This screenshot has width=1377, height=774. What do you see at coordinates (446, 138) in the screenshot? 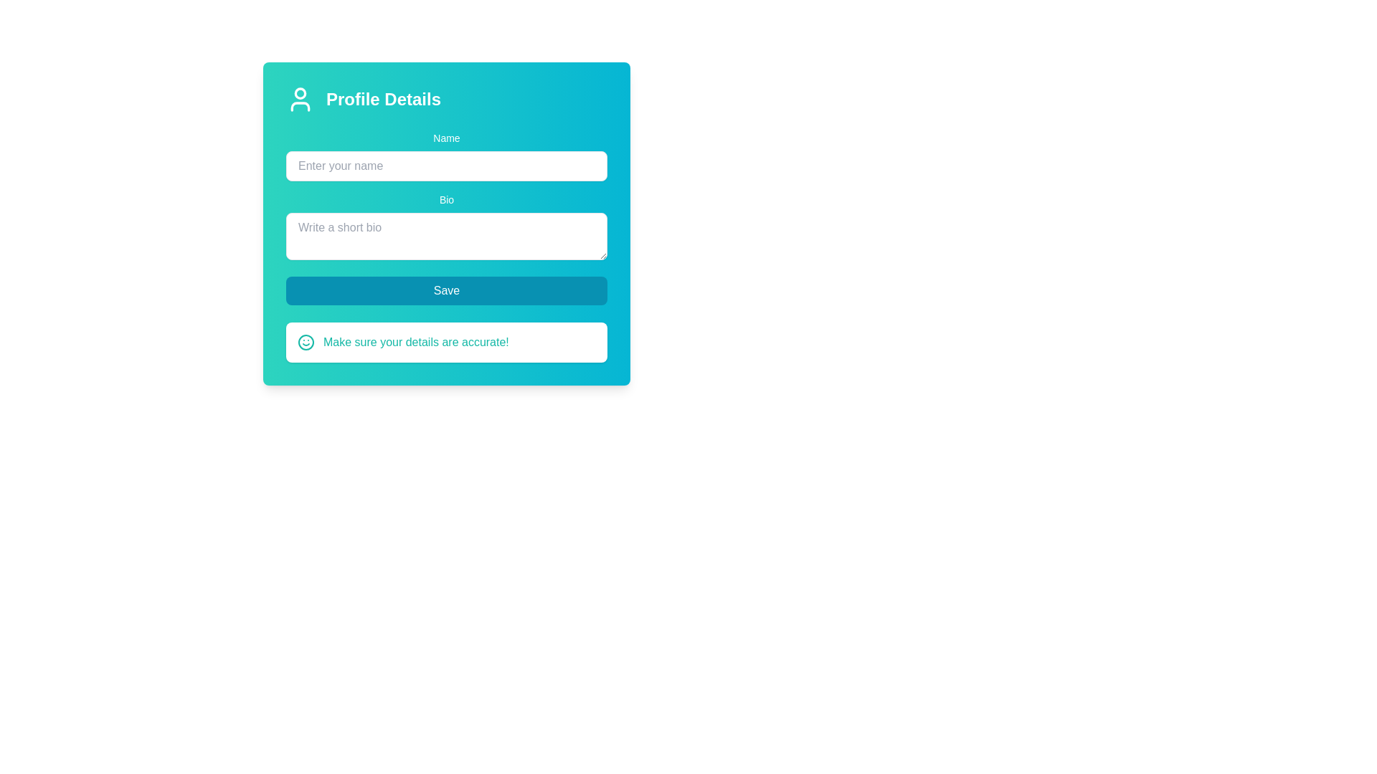
I see `descriptive label indicating the purpose of the adjacent input field, which is positioned at the top of the form` at bounding box center [446, 138].